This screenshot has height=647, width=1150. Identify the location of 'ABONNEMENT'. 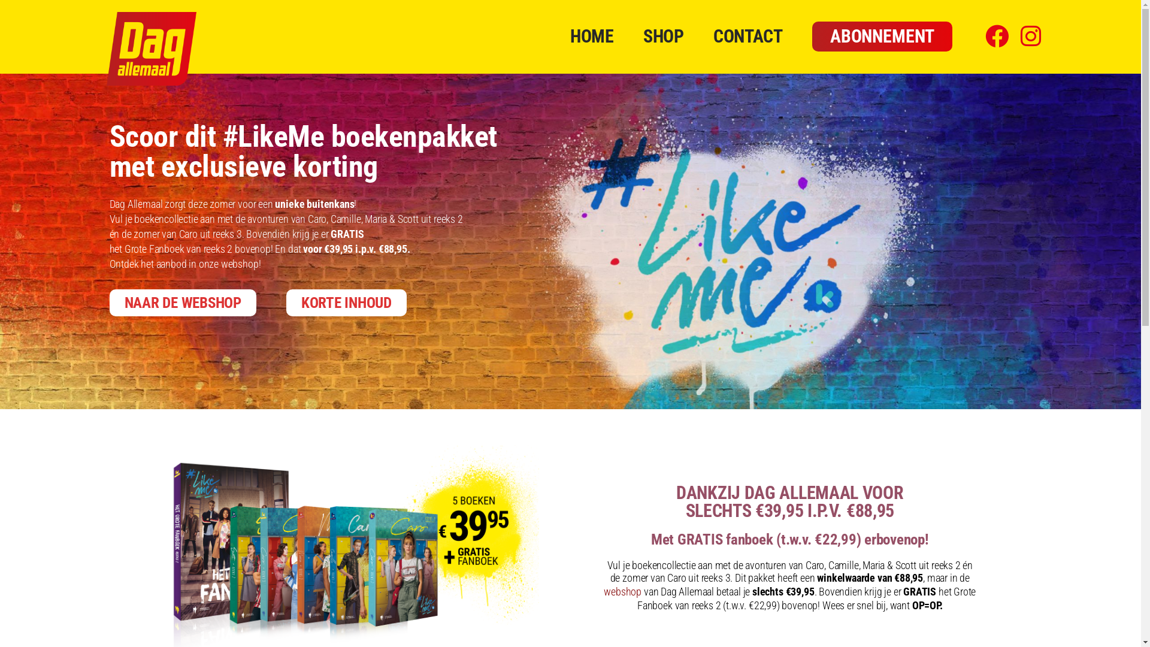
(882, 36).